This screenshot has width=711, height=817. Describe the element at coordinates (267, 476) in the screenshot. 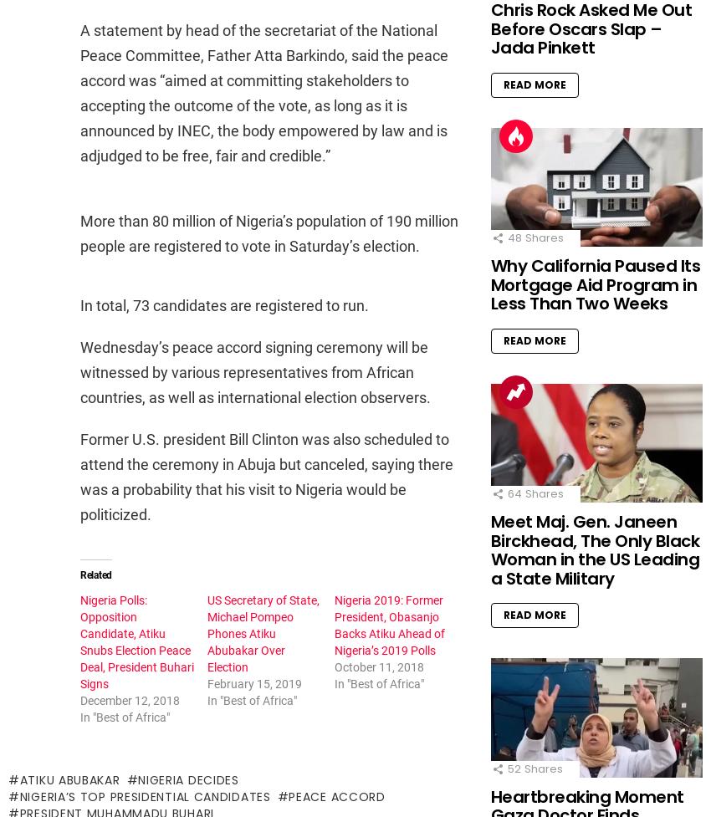

I see `'Former U.S. president Bill Clinton was also scheduled to attend the ceremony in Abuja but canceled, saying there was a probability that his visit to Nigeria would be politicized.'` at that location.